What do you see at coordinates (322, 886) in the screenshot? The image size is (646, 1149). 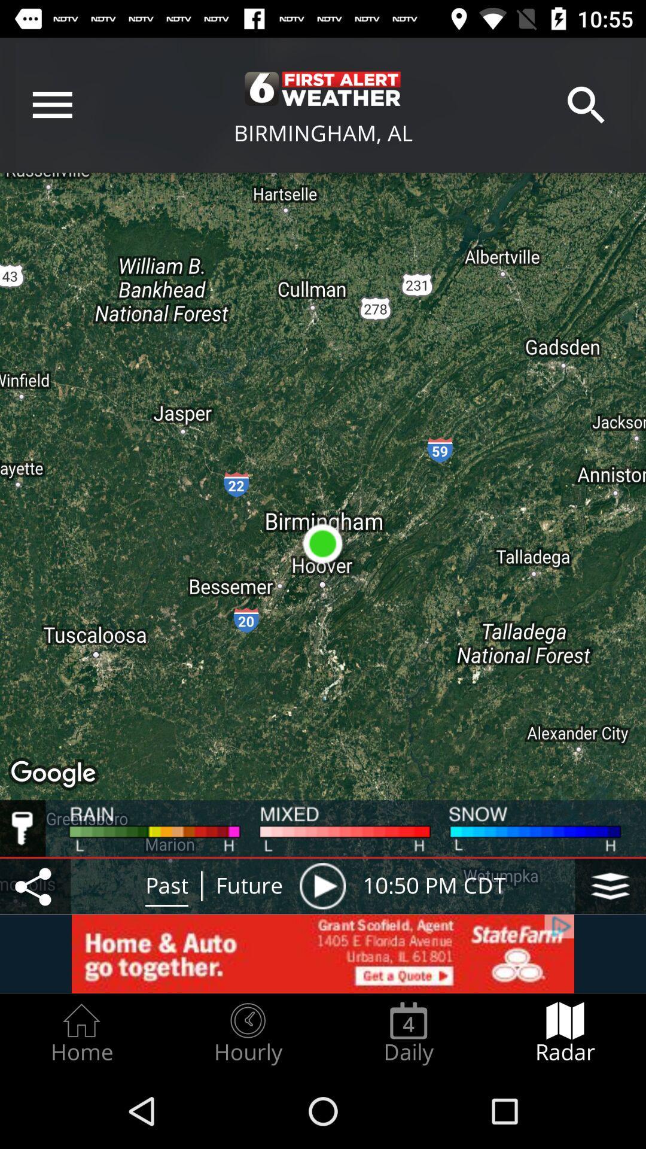 I see `the item to the right of the future item` at bounding box center [322, 886].